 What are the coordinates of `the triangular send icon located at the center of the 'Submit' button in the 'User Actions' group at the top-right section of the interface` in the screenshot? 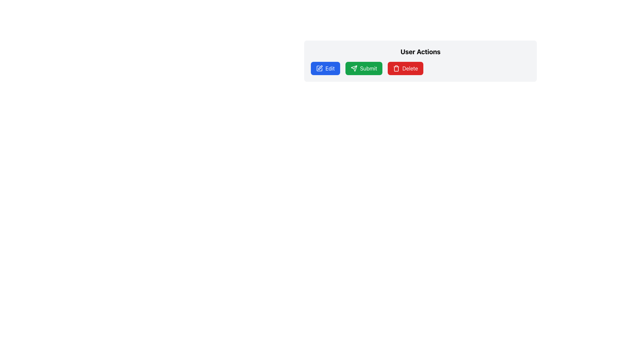 It's located at (353, 68).